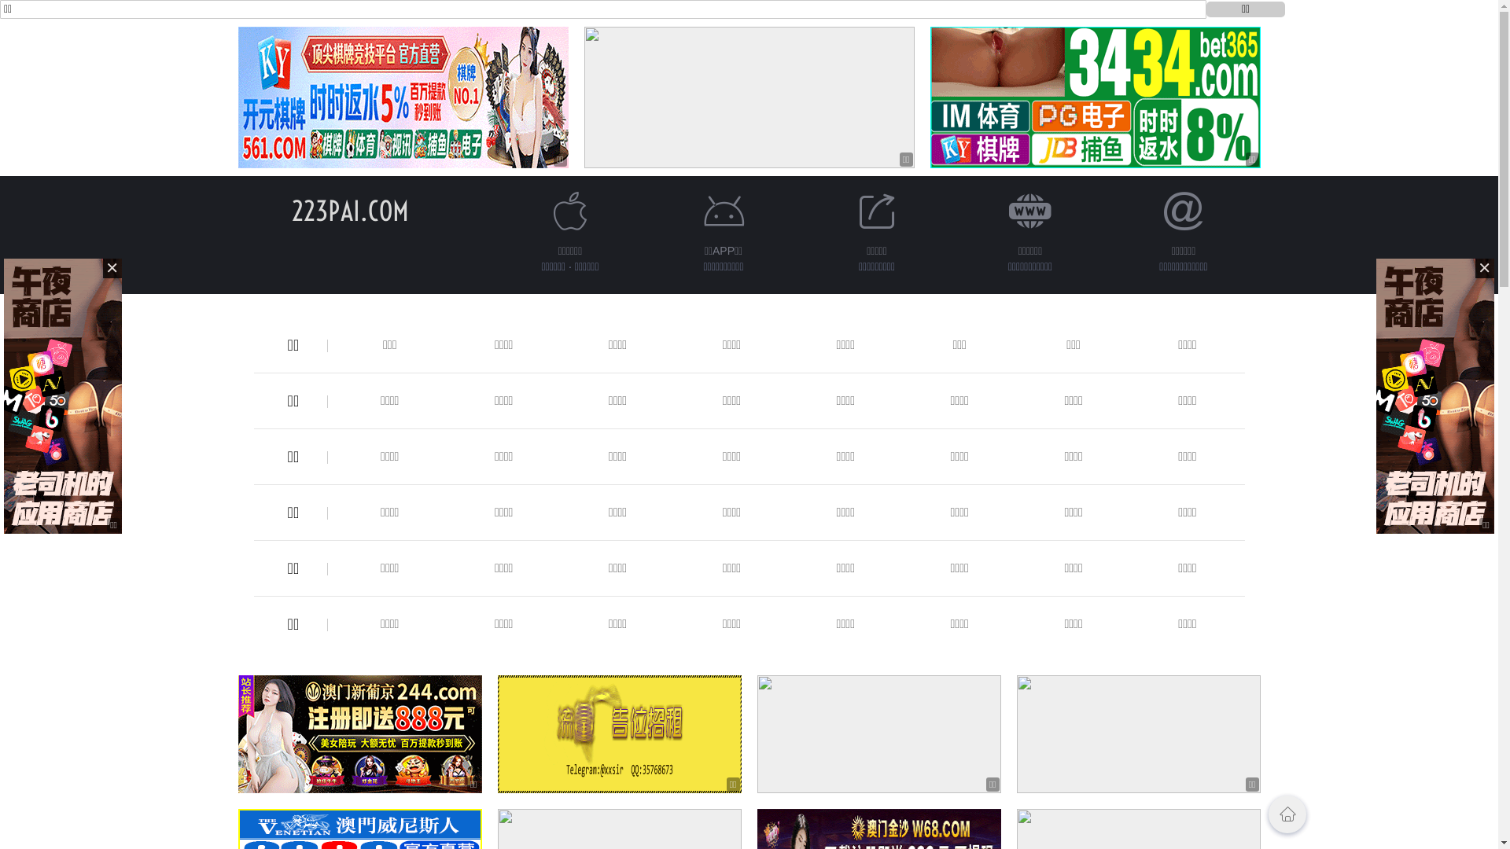 The height and width of the screenshot is (849, 1510). Describe the element at coordinates (349, 210) in the screenshot. I see `'223PAI.COM'` at that location.